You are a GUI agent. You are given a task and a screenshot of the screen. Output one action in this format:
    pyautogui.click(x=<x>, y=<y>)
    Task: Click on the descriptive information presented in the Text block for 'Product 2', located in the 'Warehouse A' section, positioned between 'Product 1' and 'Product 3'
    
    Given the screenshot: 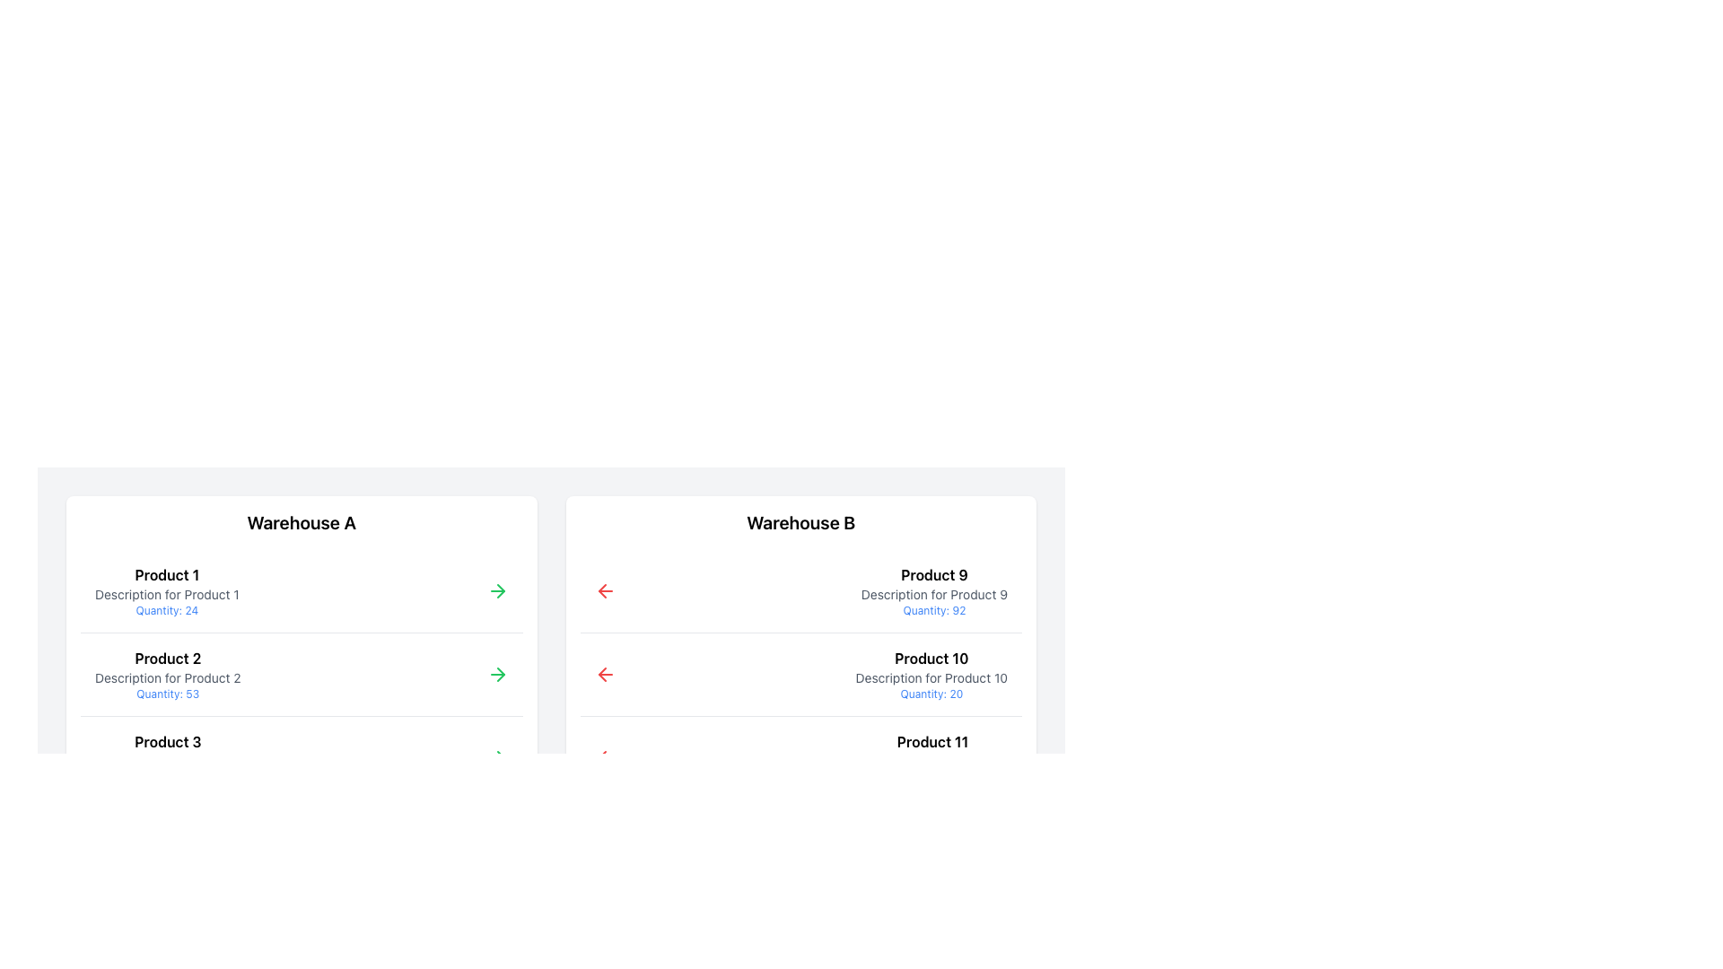 What is the action you would take?
    pyautogui.click(x=168, y=675)
    